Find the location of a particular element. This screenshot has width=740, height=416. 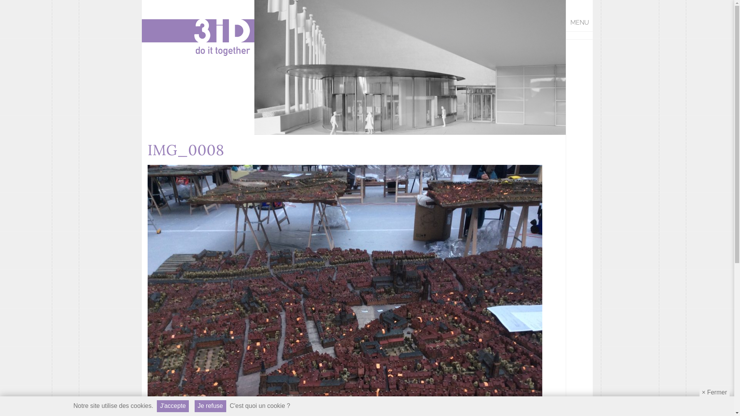

'Je refuse' is located at coordinates (194, 406).